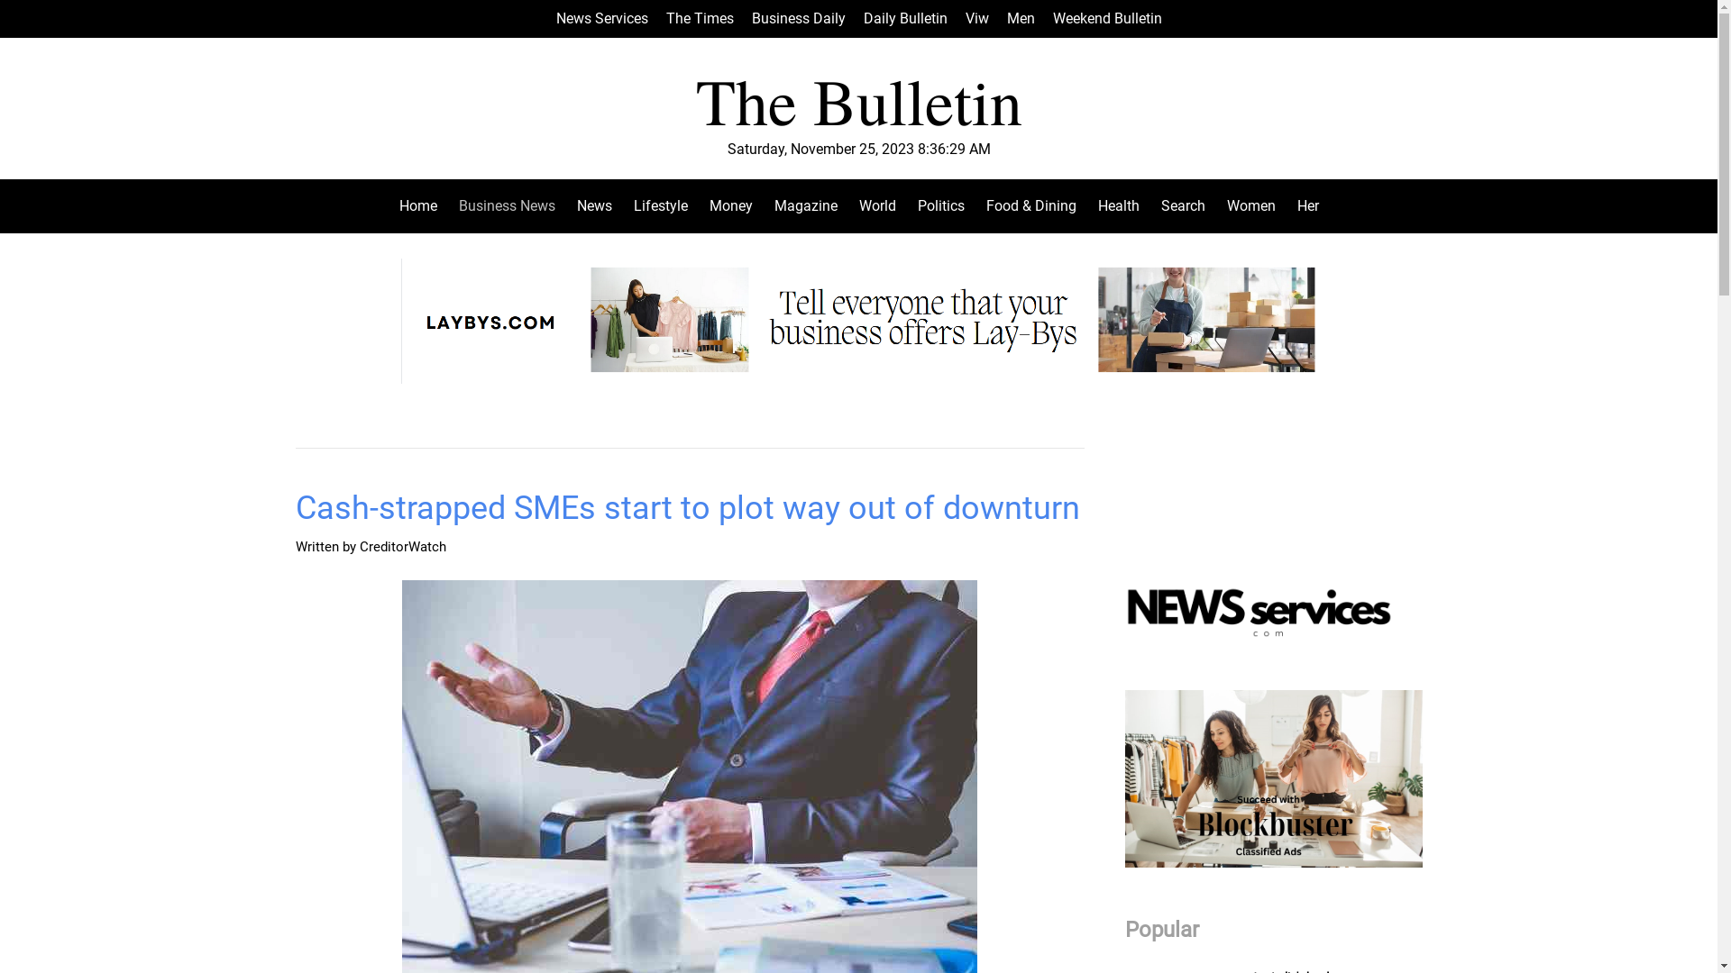 Image resolution: width=1731 pixels, height=973 pixels. What do you see at coordinates (1118, 205) in the screenshot?
I see `'Health'` at bounding box center [1118, 205].